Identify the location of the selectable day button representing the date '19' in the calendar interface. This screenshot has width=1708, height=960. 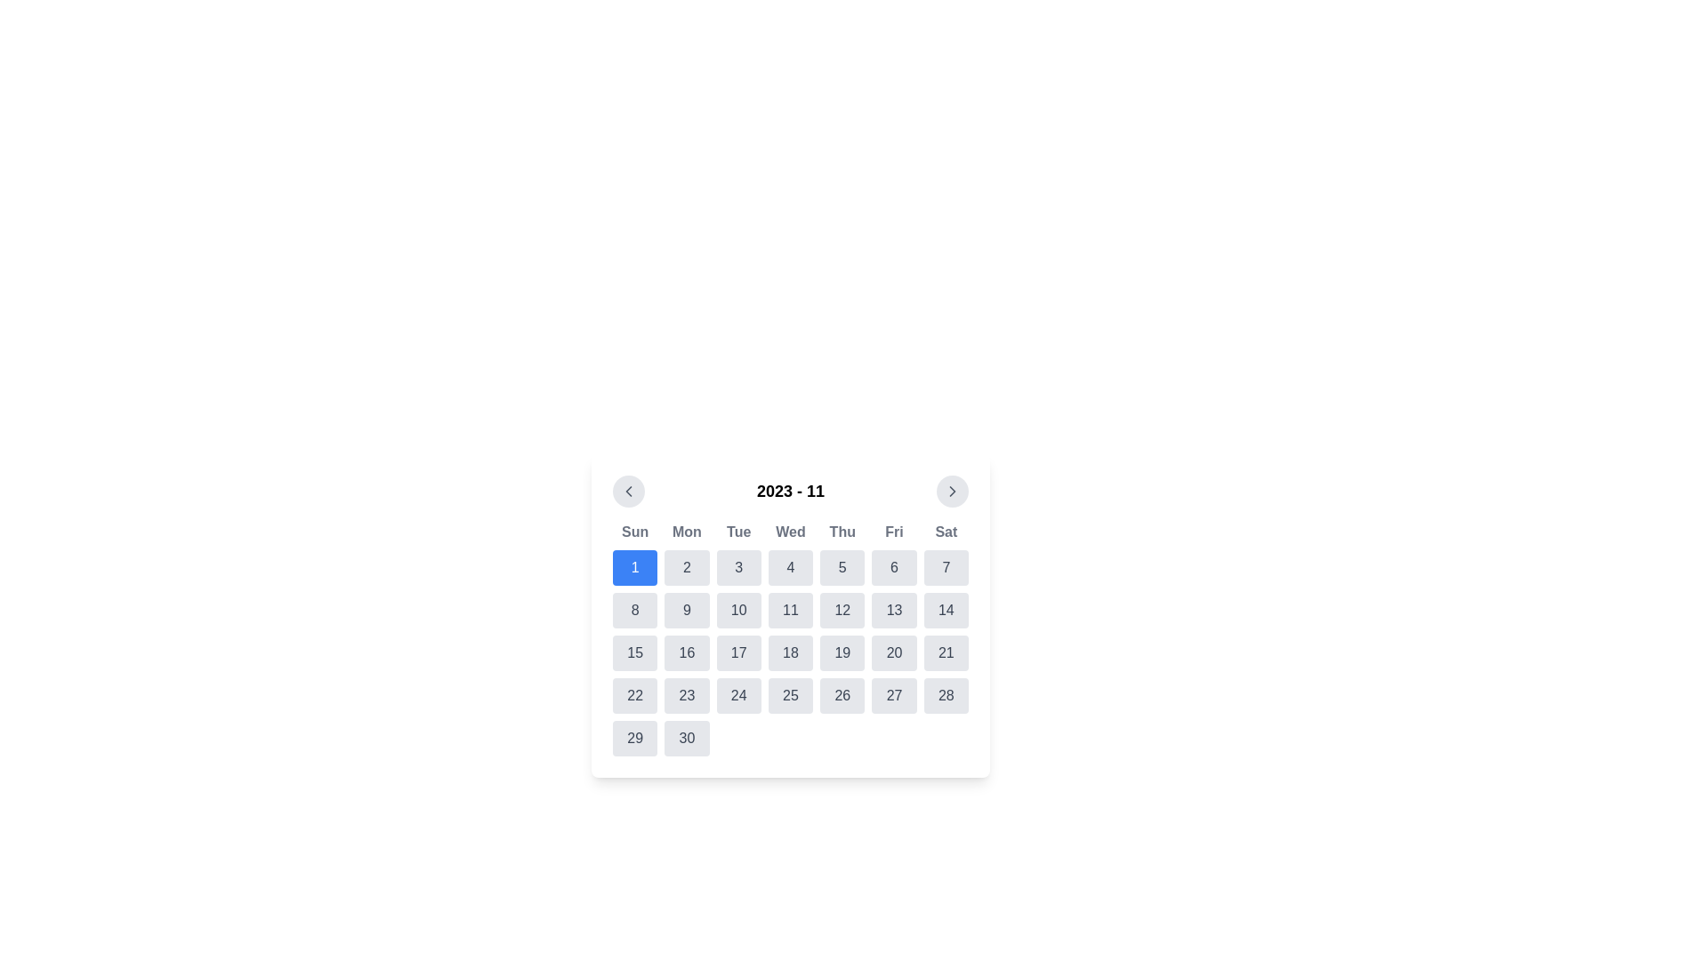
(842, 653).